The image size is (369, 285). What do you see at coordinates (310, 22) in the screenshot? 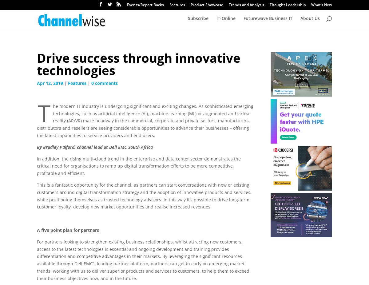
I see `'About Us'` at bounding box center [310, 22].